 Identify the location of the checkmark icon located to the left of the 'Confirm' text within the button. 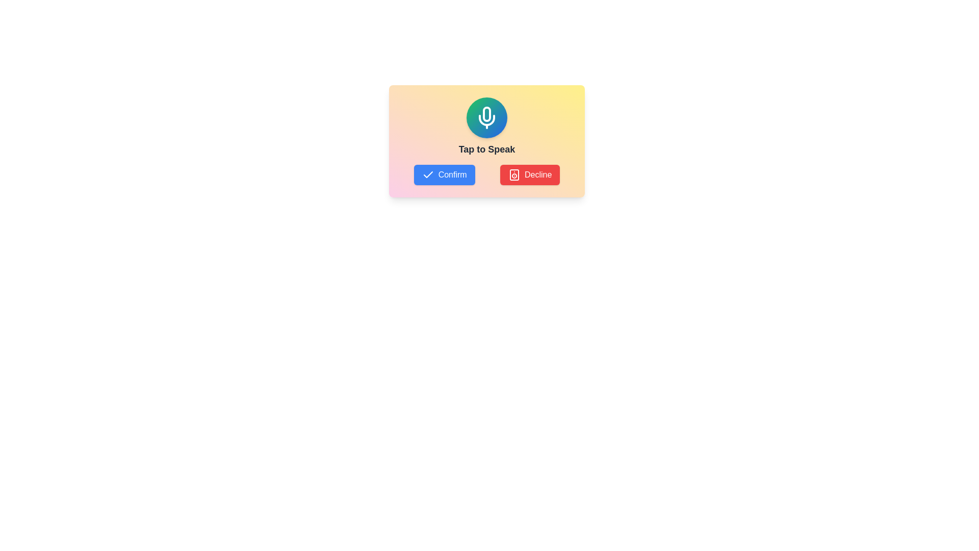
(428, 174).